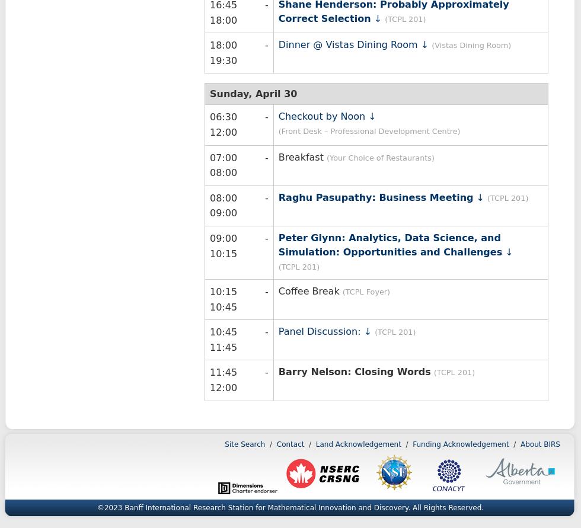 The width and height of the screenshot is (581, 528). I want to click on 'Land Acknowledgement', so click(357, 443).